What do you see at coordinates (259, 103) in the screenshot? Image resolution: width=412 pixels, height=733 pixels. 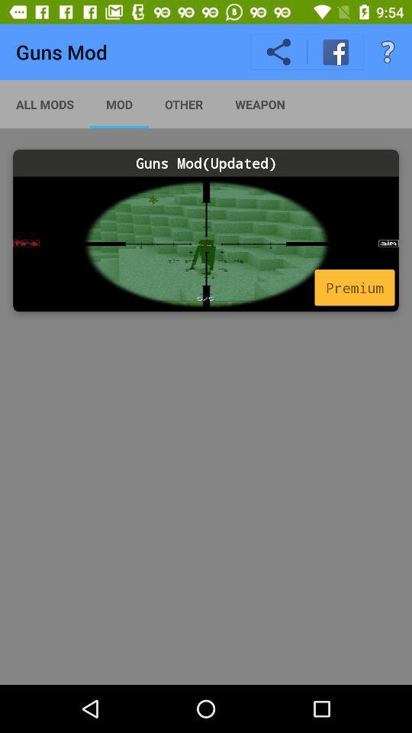 I see `the weapon app` at bounding box center [259, 103].